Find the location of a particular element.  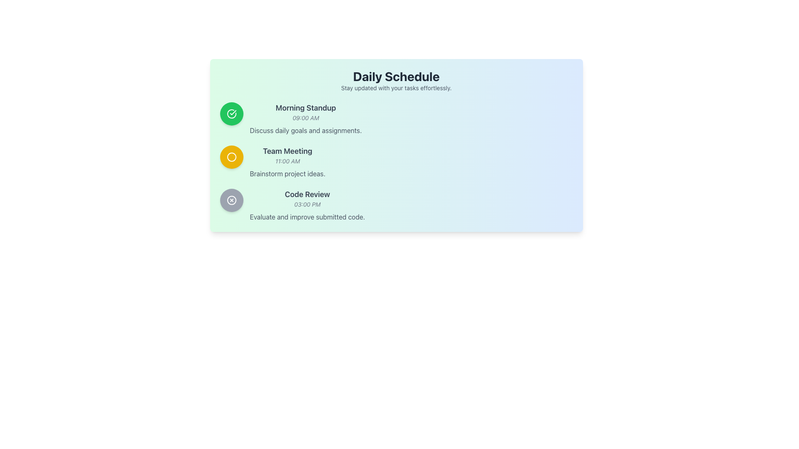

the second SVG Circle Graphic that represents the 'Team Meeting' section in the schedule is located at coordinates (231, 157).